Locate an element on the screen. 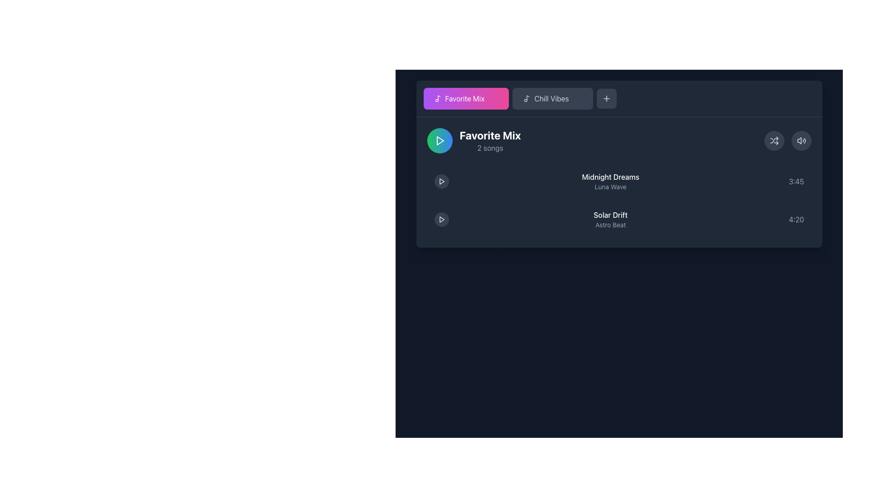 The height and width of the screenshot is (489, 870). the 'Chill Vibes' button, which is a rectangular button with rounded corners, dark gray background, and white text, located between the 'Favorite Mix' button and a circular button with a plus icon is located at coordinates (552, 99).